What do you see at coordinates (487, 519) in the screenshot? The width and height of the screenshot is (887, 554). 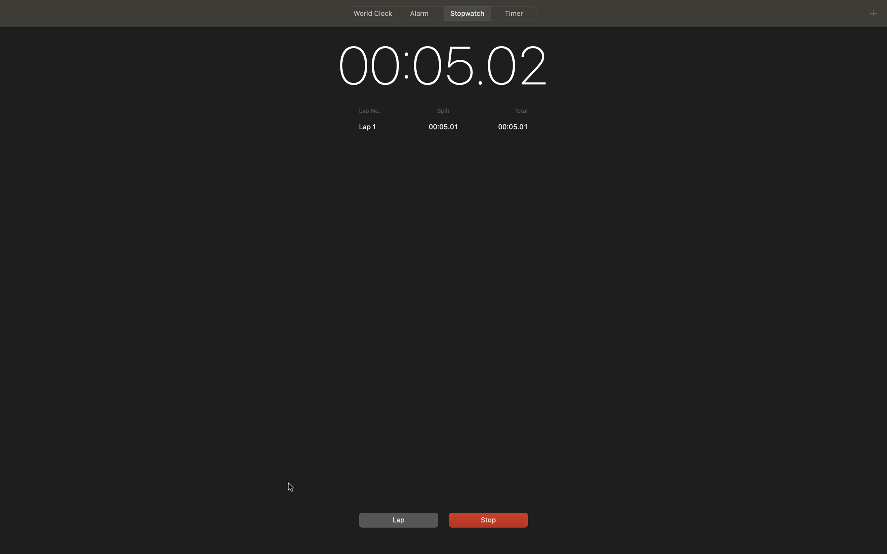 I see `Stop the stopwatch and then reset it` at bounding box center [487, 519].